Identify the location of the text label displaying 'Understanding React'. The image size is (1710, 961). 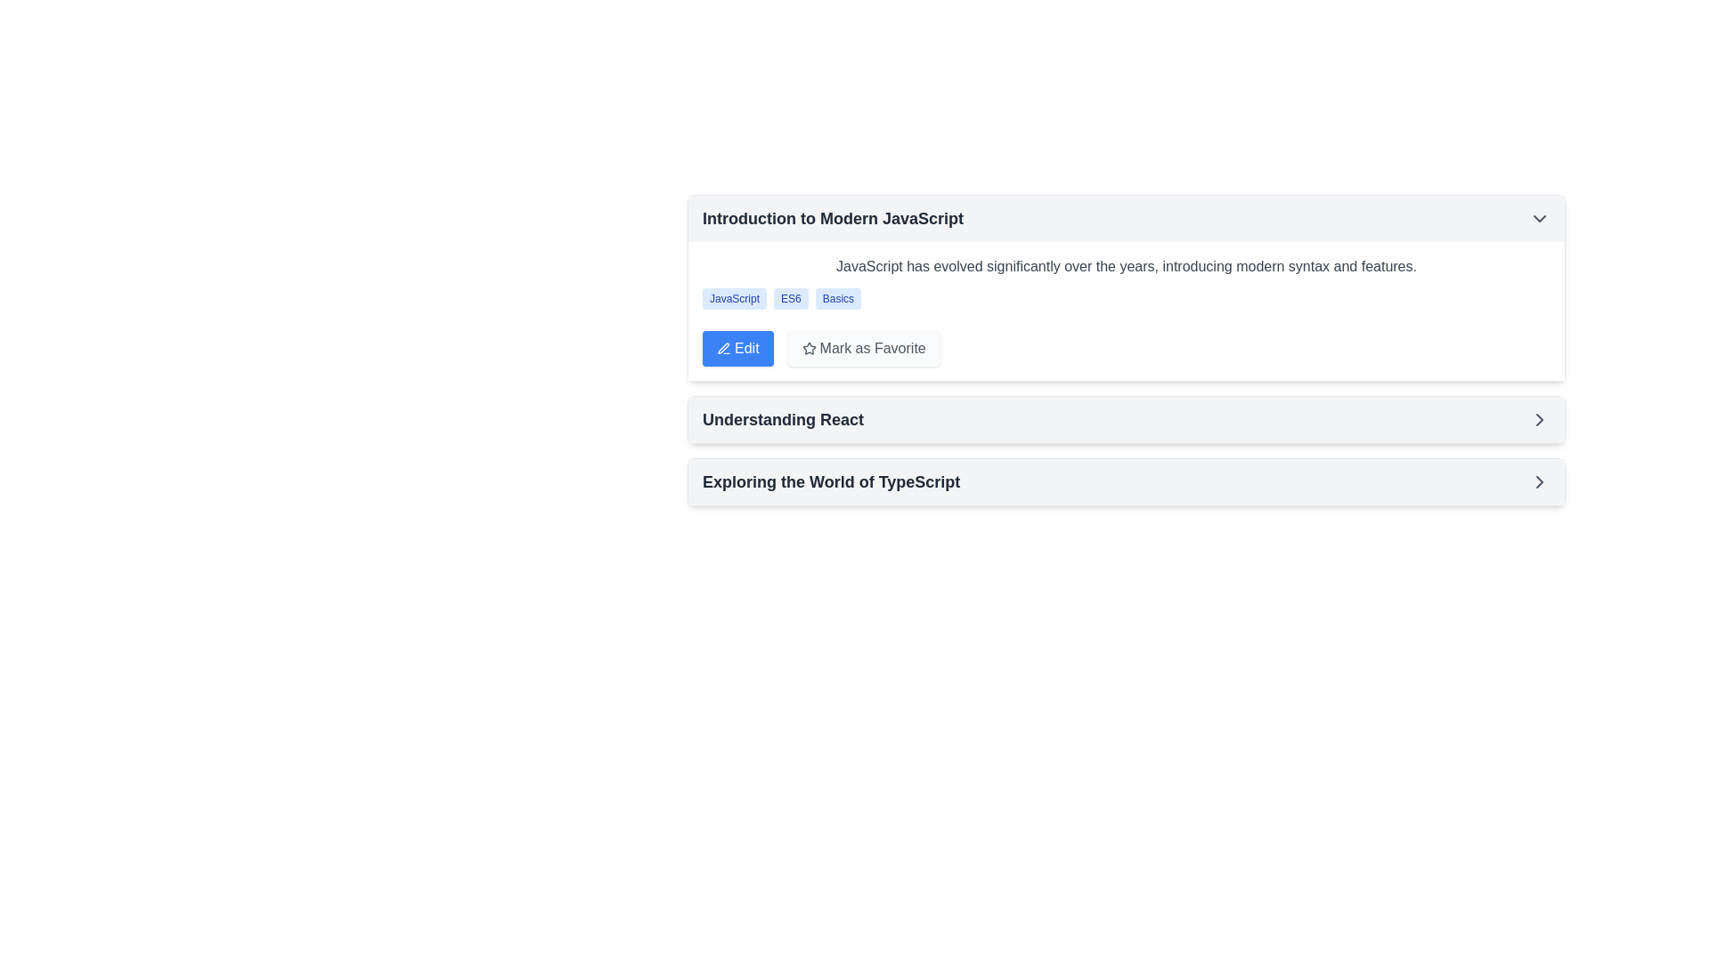
(783, 419).